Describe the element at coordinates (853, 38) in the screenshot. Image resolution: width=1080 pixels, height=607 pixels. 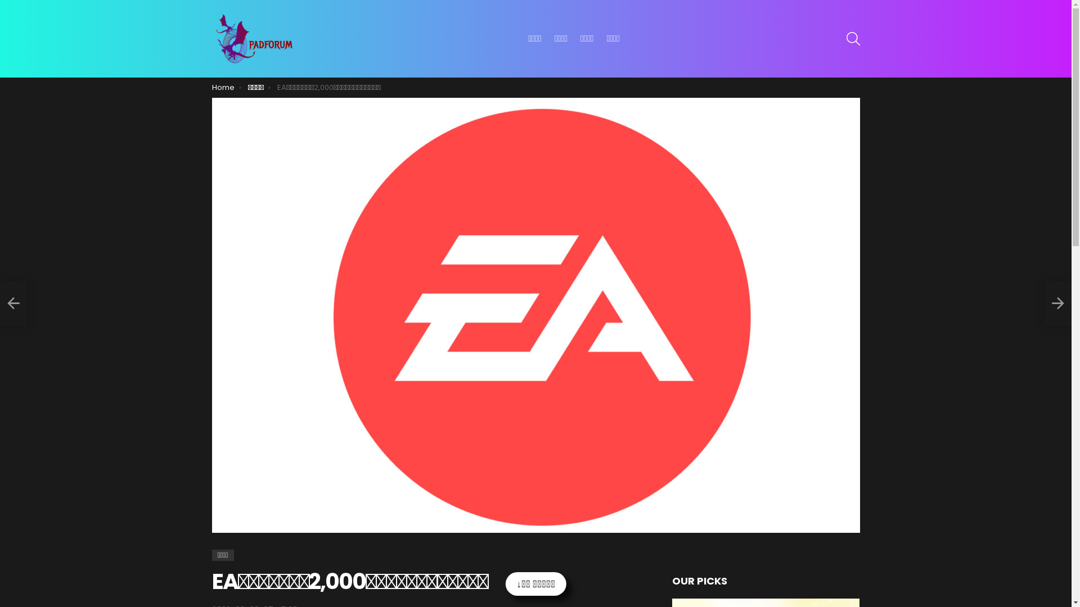
I see `'SEARCH'` at that location.